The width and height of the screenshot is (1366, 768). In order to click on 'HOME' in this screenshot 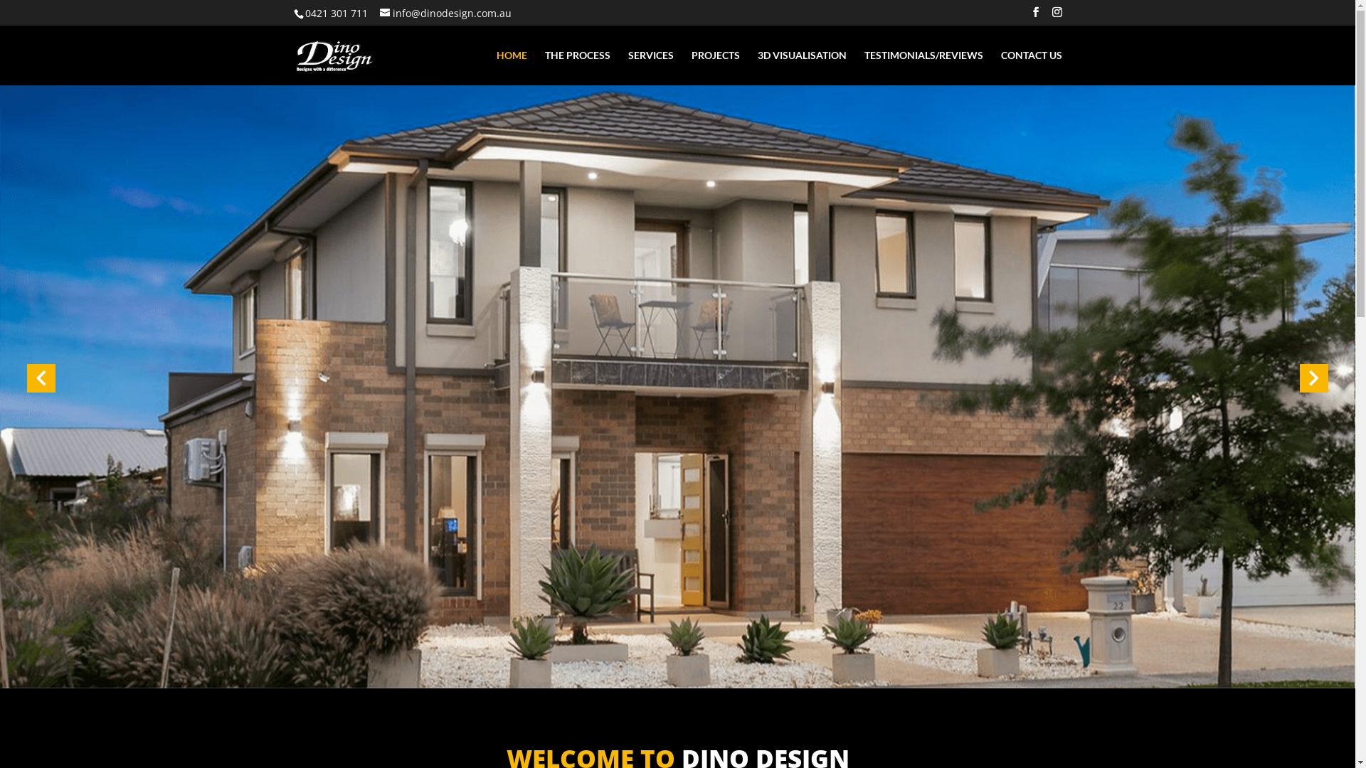, I will do `click(512, 68)`.